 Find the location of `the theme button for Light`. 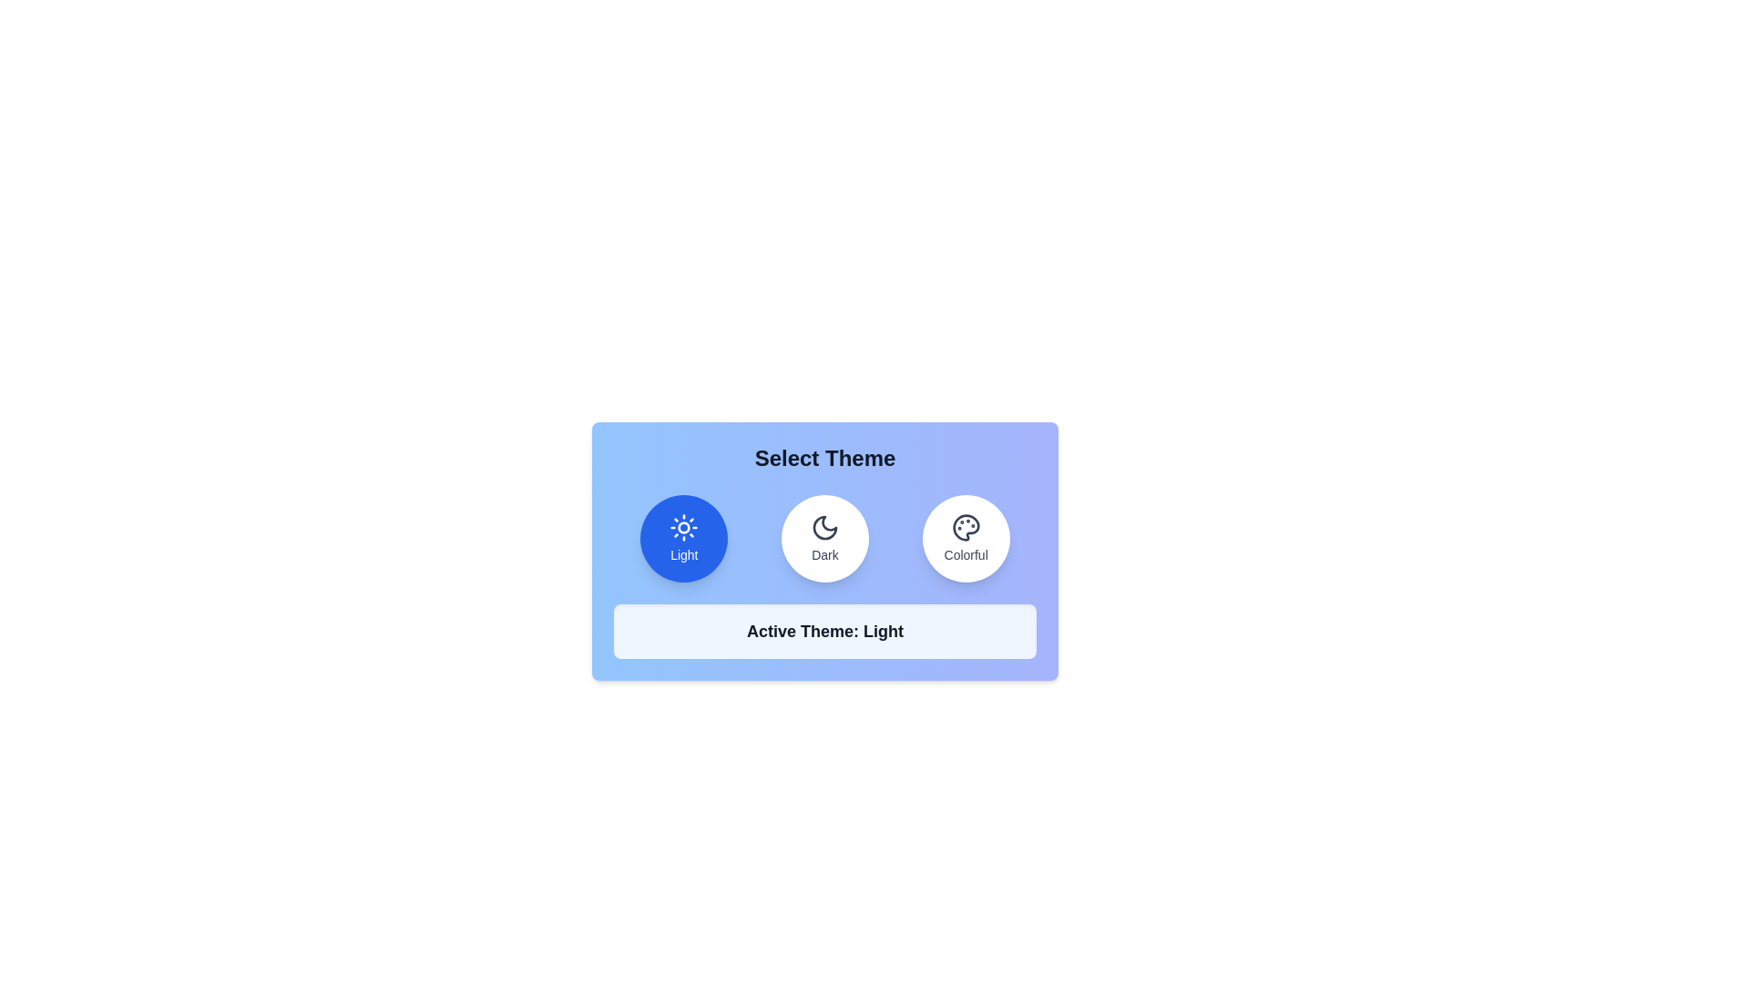

the theme button for Light is located at coordinates (683, 537).